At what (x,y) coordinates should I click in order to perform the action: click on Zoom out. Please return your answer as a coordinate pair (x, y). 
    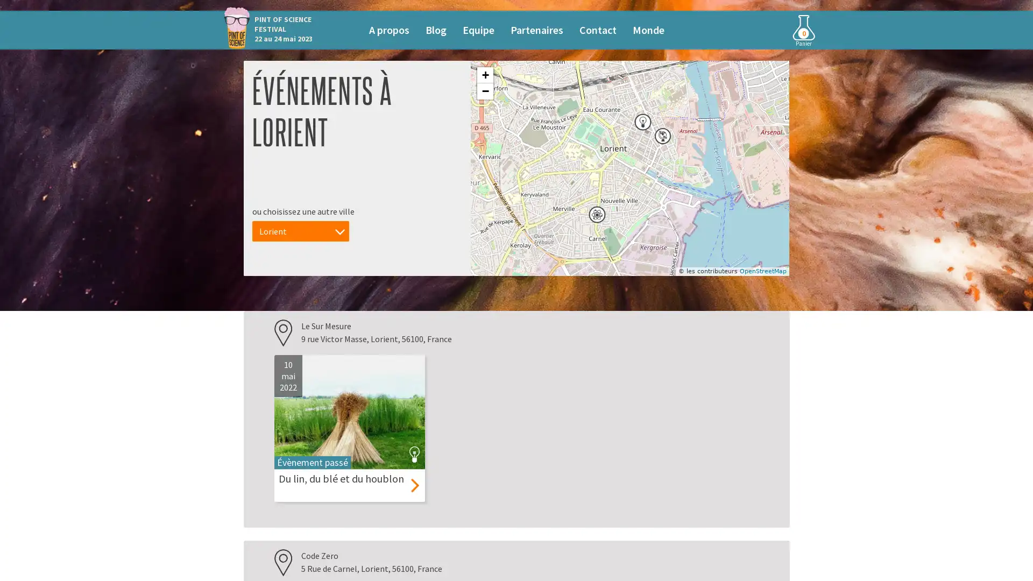
    Looking at the image, I should click on (485, 90).